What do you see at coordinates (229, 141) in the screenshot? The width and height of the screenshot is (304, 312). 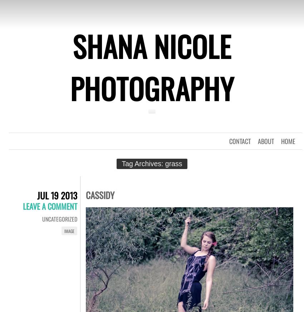 I see `'Contact'` at bounding box center [229, 141].